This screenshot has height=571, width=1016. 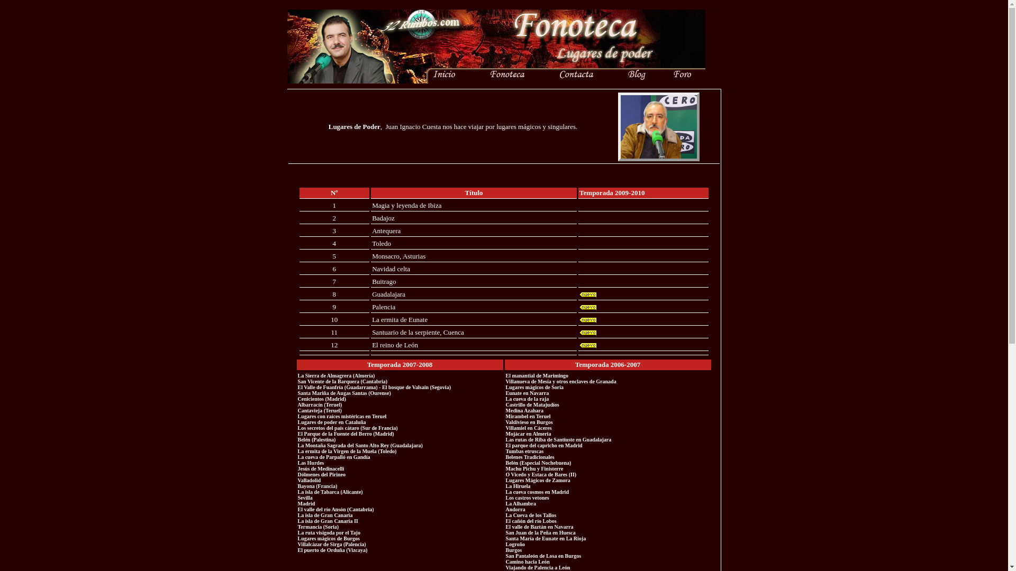 What do you see at coordinates (385, 229) in the screenshot?
I see `'Antequera'` at bounding box center [385, 229].